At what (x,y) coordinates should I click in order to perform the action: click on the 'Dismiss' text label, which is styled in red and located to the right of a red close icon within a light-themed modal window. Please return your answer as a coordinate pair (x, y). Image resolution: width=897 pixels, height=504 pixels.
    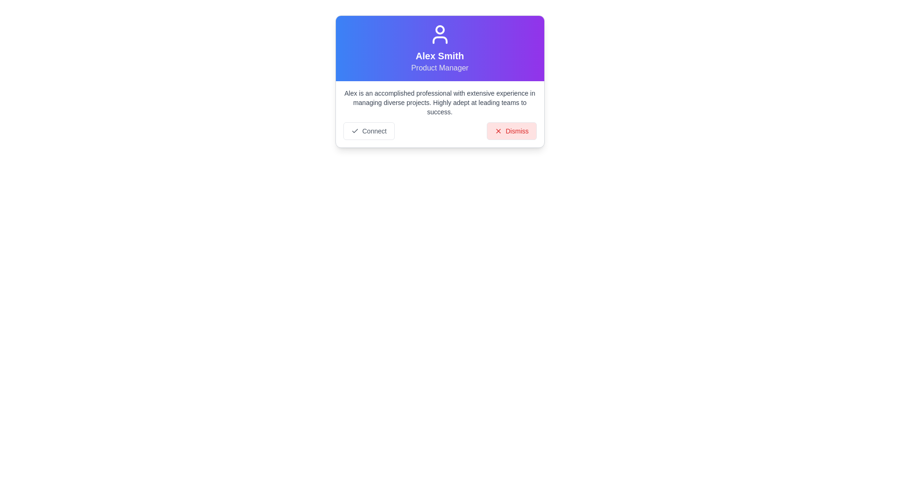
    Looking at the image, I should click on (517, 131).